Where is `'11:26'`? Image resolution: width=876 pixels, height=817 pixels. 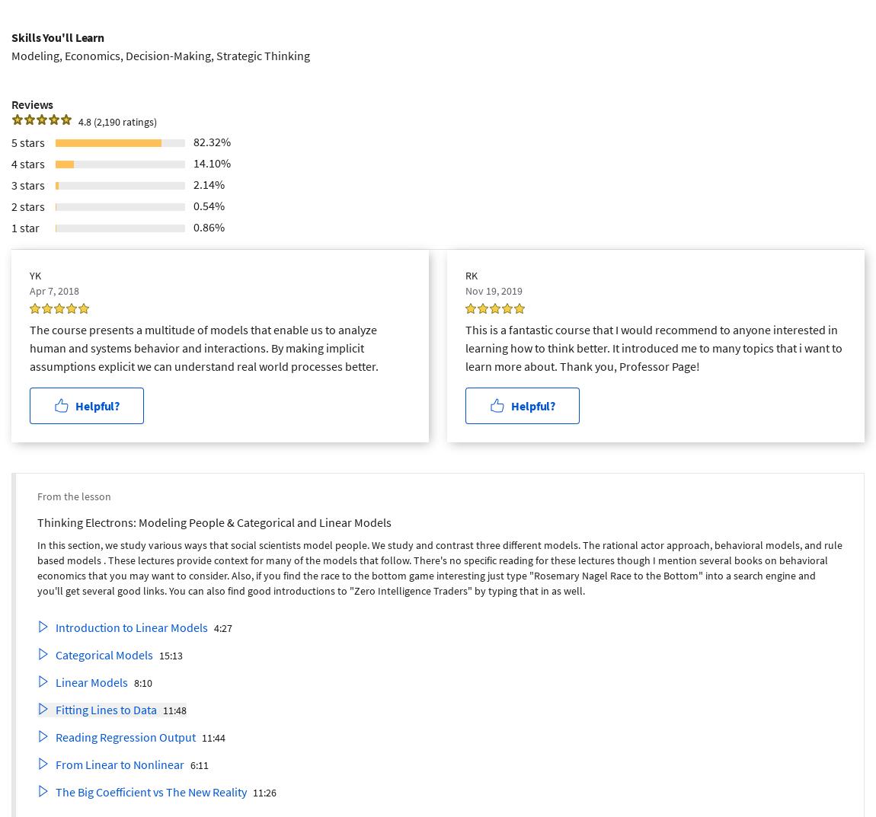
'11:26' is located at coordinates (253, 791).